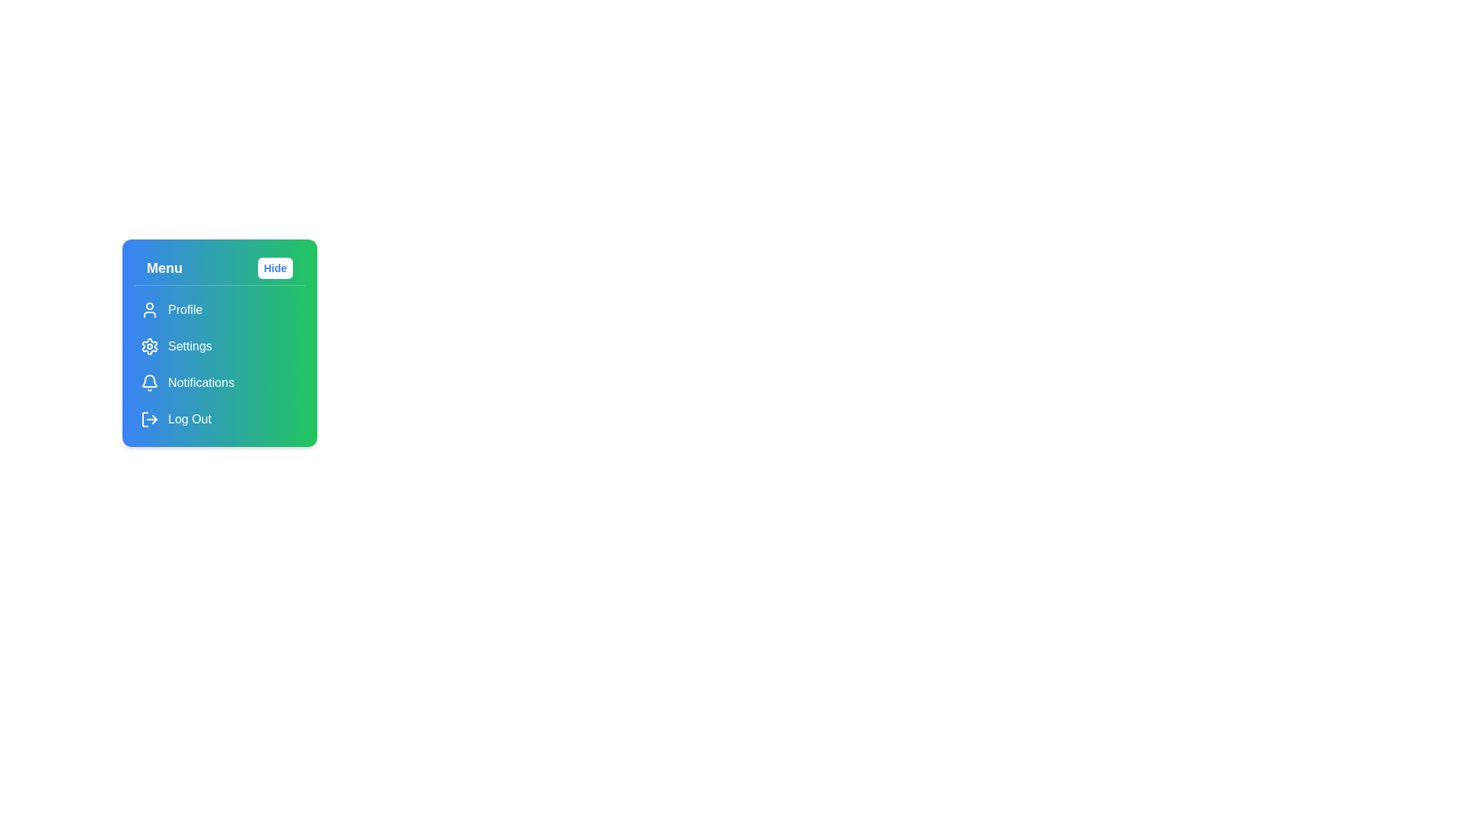 The height and width of the screenshot is (821, 1461). What do you see at coordinates (164, 268) in the screenshot?
I see `the static text element displaying 'Menu', which is prominently styled with white text on a blue background, located to the left of the 'Hide' button` at bounding box center [164, 268].